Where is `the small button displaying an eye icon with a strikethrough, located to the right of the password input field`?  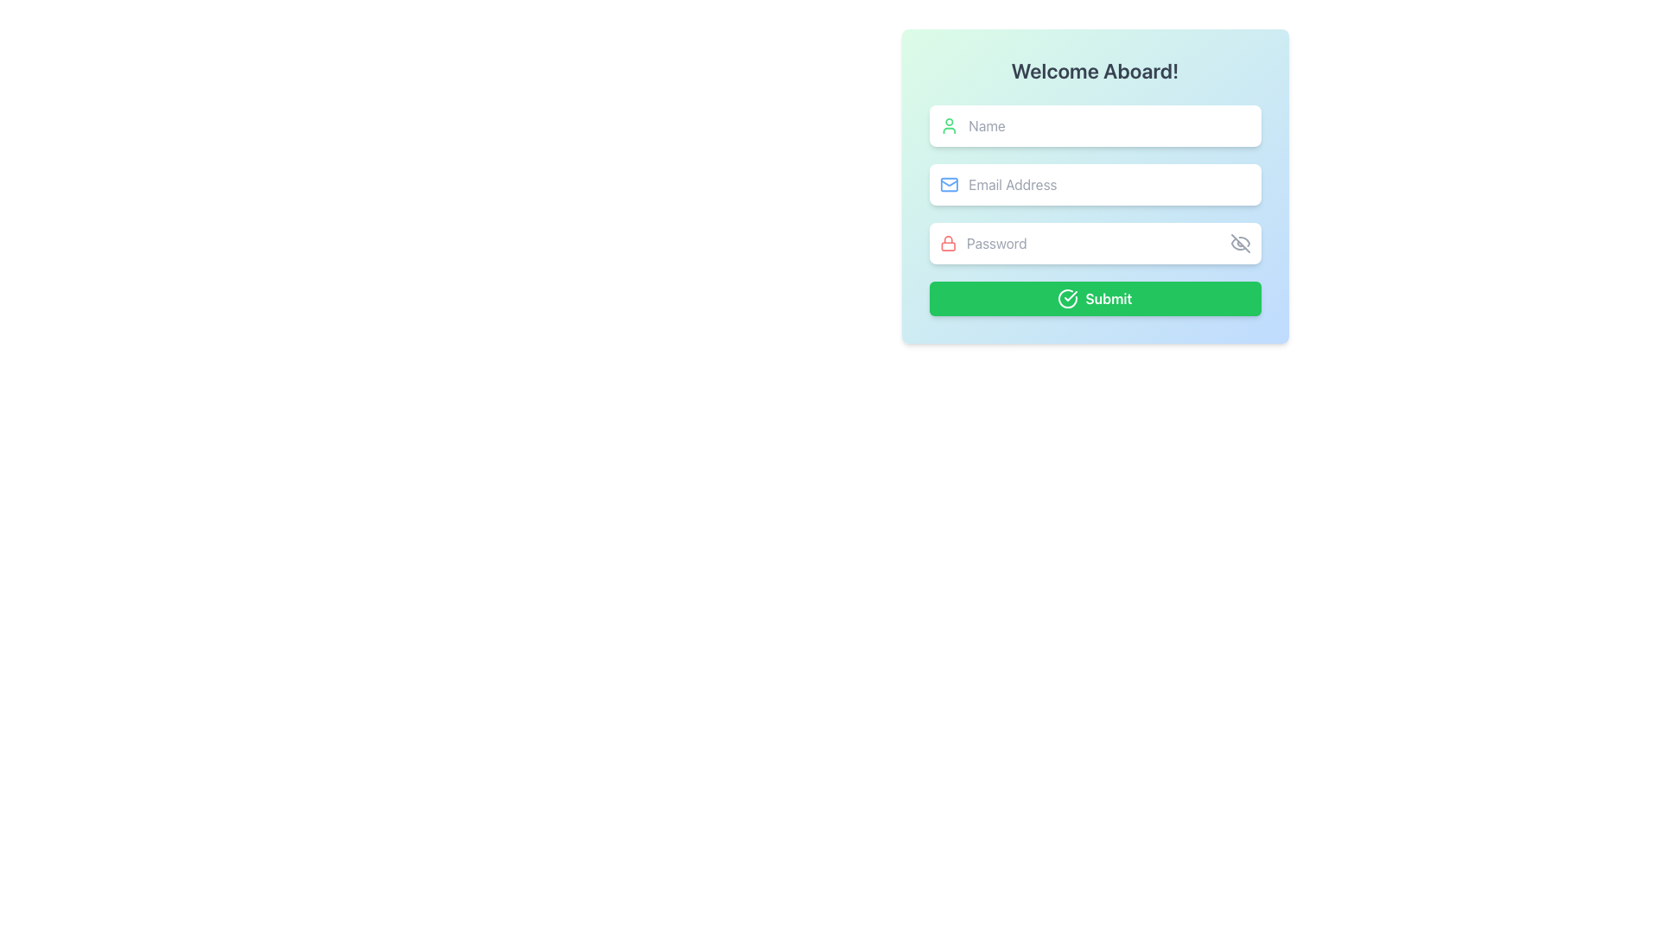 the small button displaying an eye icon with a strikethrough, located to the right of the password input field is located at coordinates (1239, 243).